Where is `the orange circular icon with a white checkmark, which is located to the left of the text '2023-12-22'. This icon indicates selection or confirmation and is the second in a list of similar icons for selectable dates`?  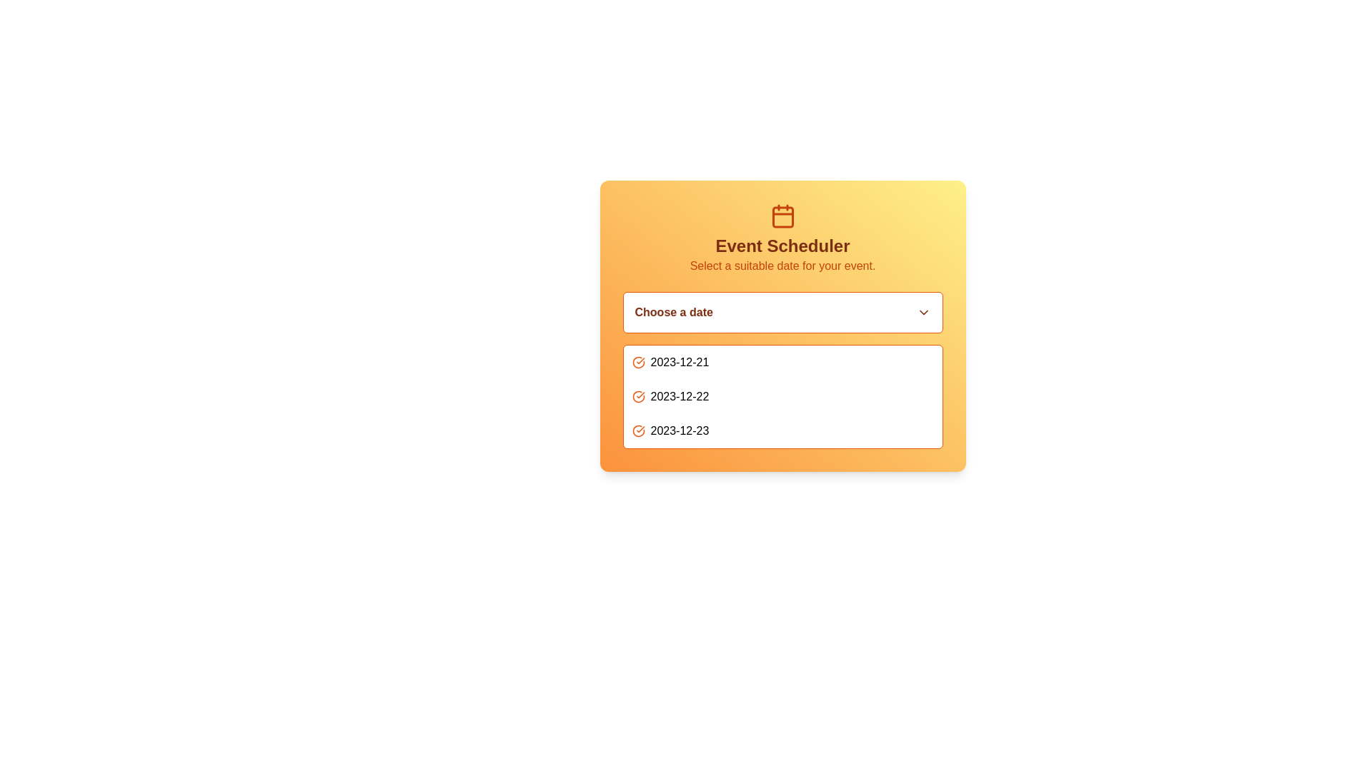
the orange circular icon with a white checkmark, which is located to the left of the text '2023-12-22'. This icon indicates selection or confirmation and is the second in a list of similar icons for selectable dates is located at coordinates (637, 396).